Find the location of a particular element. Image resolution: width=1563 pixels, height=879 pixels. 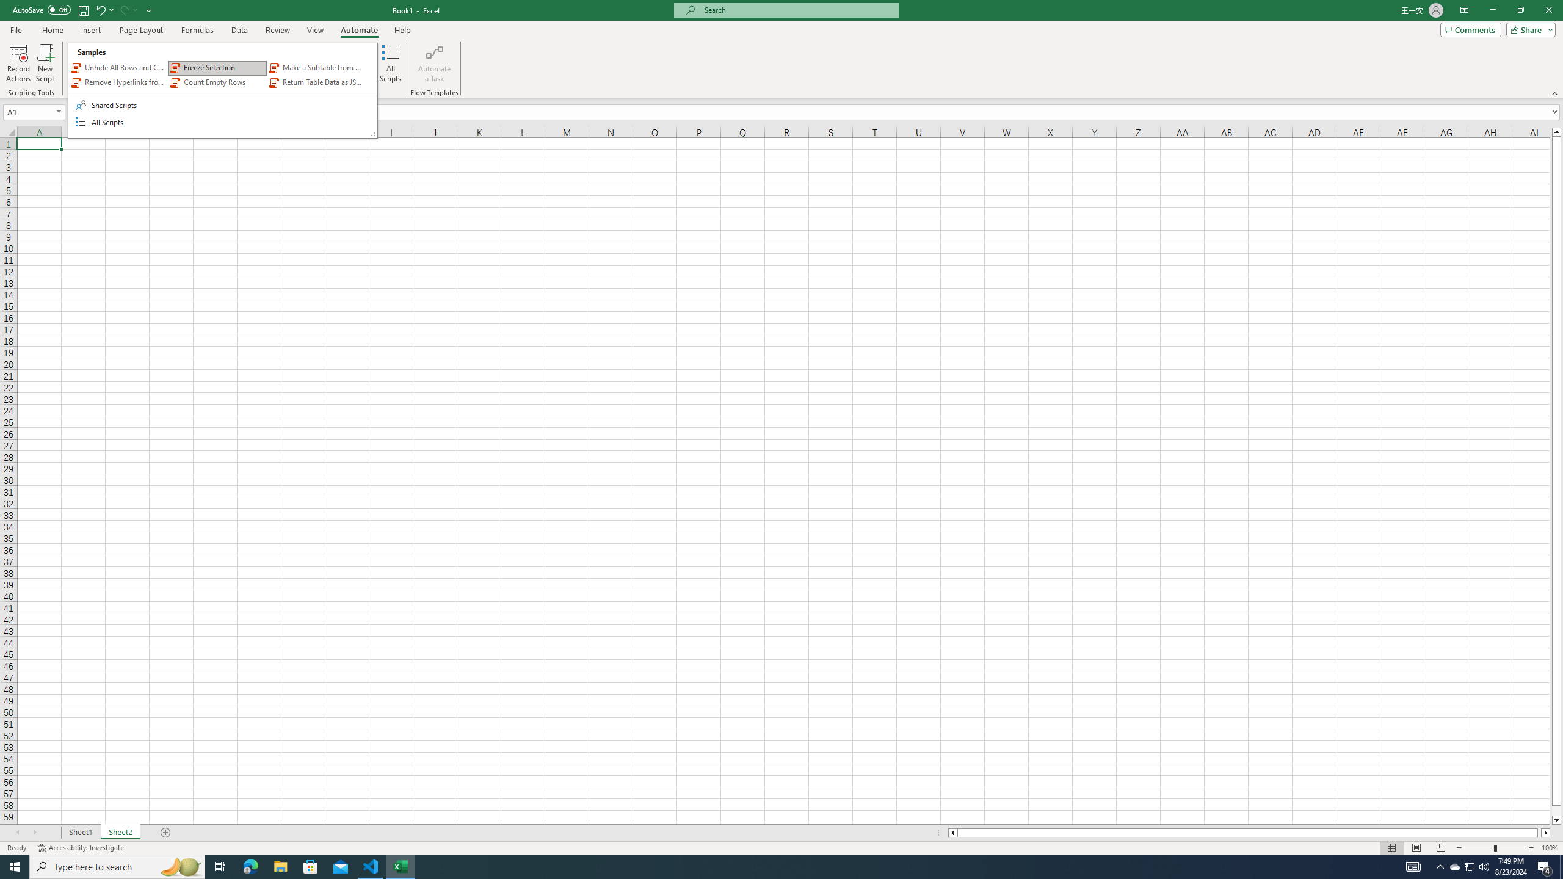

'Minimize' is located at coordinates (1492, 10).